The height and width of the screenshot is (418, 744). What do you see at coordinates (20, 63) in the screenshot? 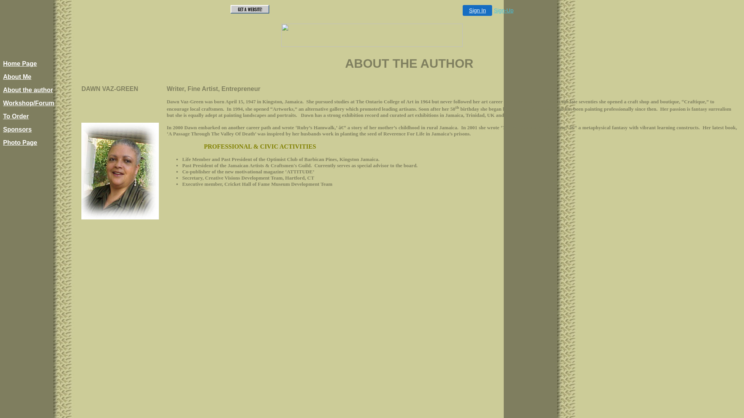
I see `'Home Page'` at bounding box center [20, 63].